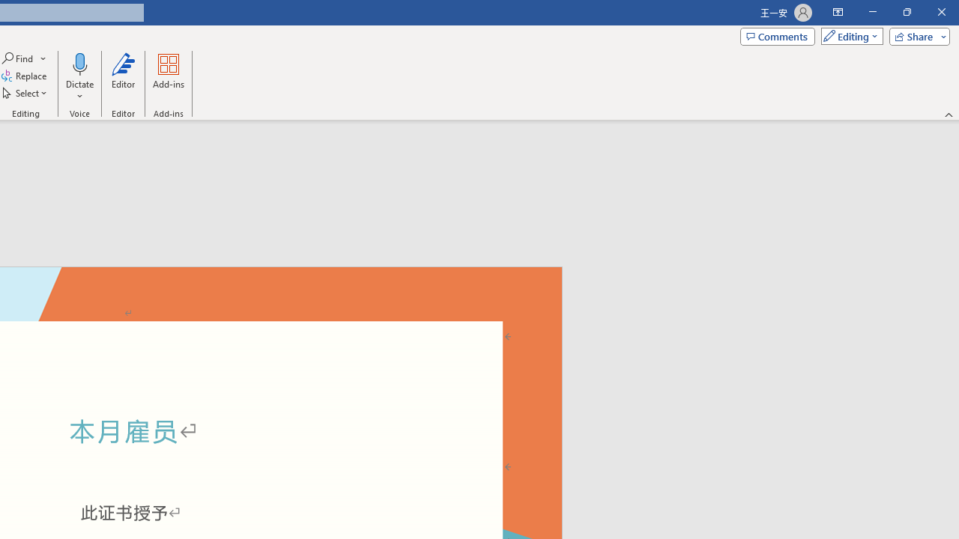 The image size is (959, 539). What do you see at coordinates (79, 63) in the screenshot?
I see `'Dictate'` at bounding box center [79, 63].